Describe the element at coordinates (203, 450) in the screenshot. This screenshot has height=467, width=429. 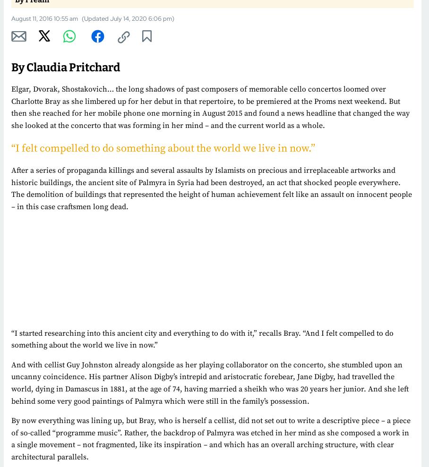
I see `'like its inspiration – and which has an overall arching structure, with clear architectural parallels.'` at that location.